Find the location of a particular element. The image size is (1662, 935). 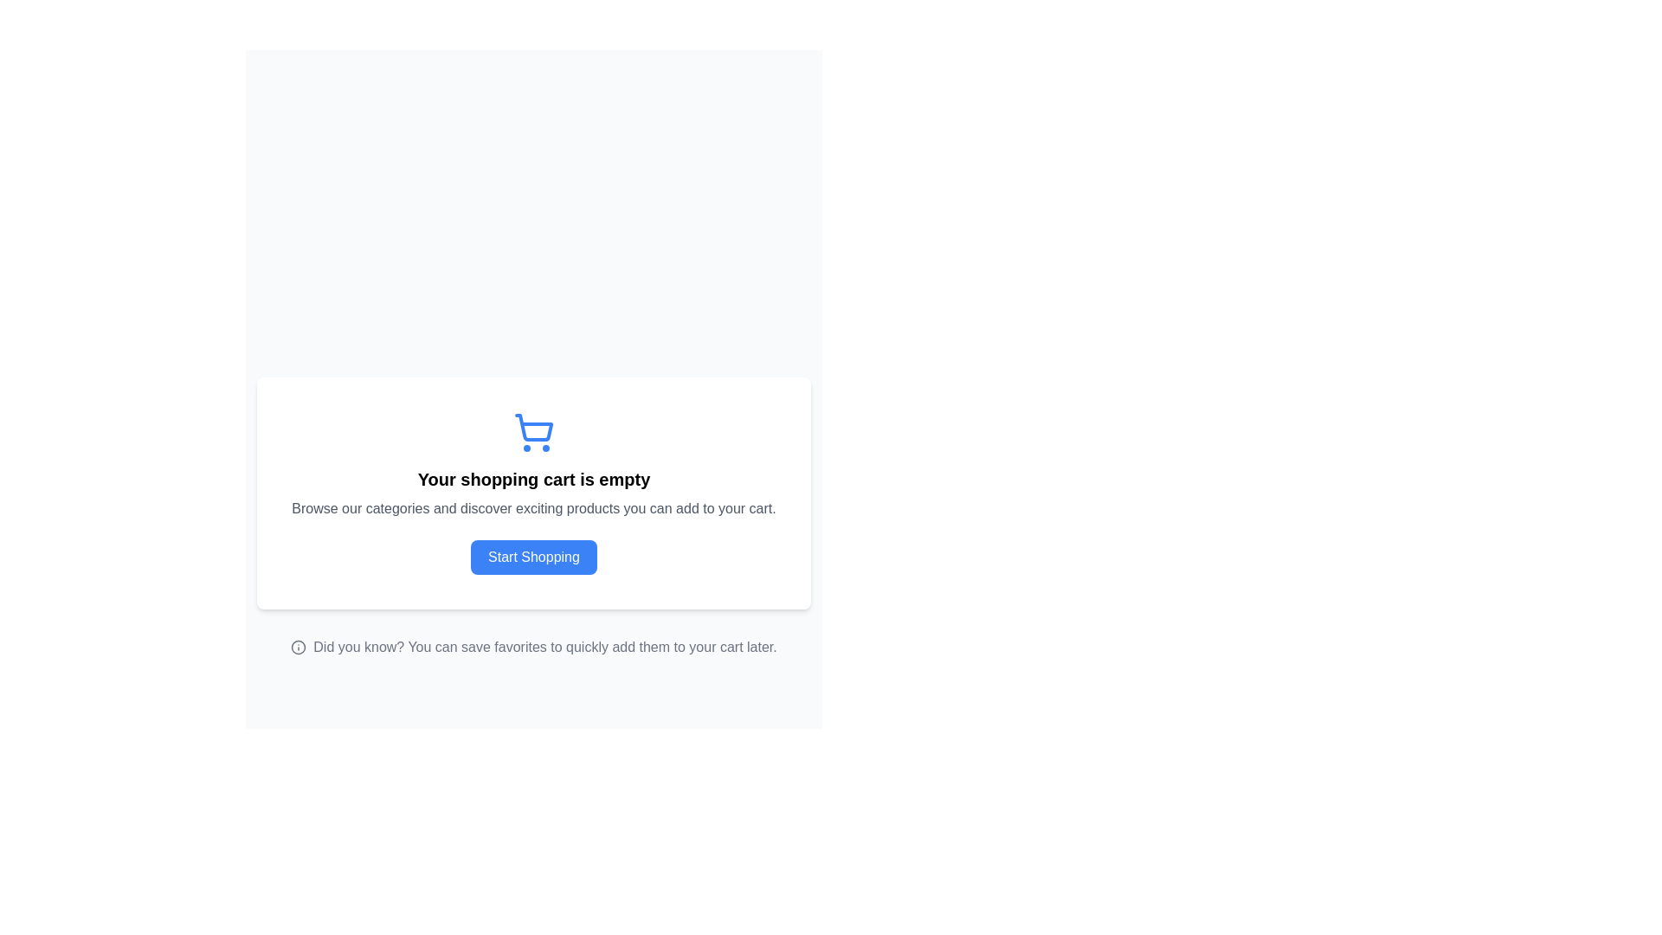

the status notification text that informs the user that their shopping cart currently has no items, located within a white card with rounded corners, centered below the shopping cart icon and above the 'Start Shopping' button is located at coordinates (533, 480).